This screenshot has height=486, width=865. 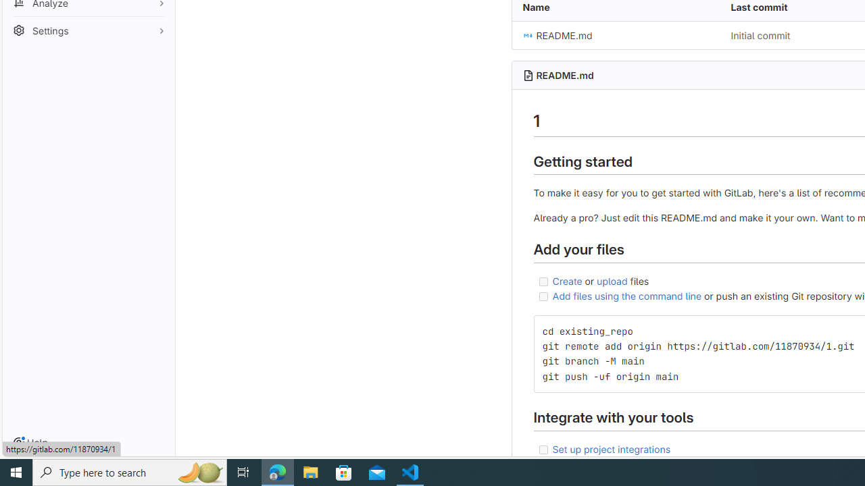 I want to click on 'Add files using the command line', so click(x=626, y=295).